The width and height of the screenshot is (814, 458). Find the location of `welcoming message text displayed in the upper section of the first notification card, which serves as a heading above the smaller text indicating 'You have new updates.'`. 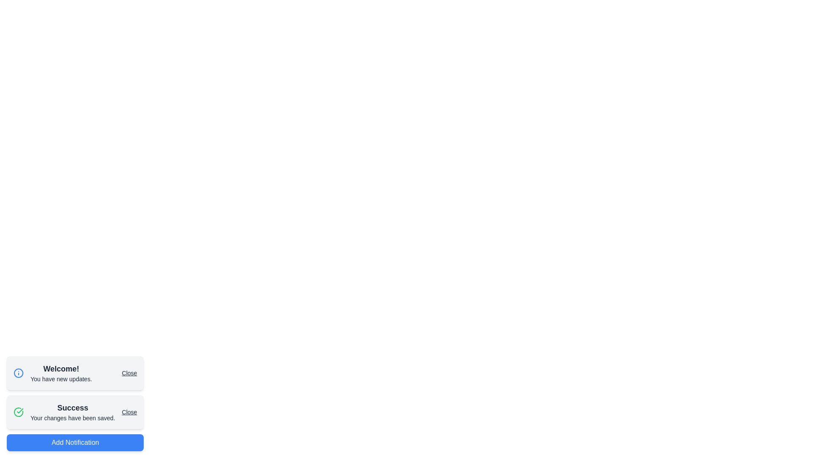

welcoming message text displayed in the upper section of the first notification card, which serves as a heading above the smaller text indicating 'You have new updates.' is located at coordinates (61, 369).